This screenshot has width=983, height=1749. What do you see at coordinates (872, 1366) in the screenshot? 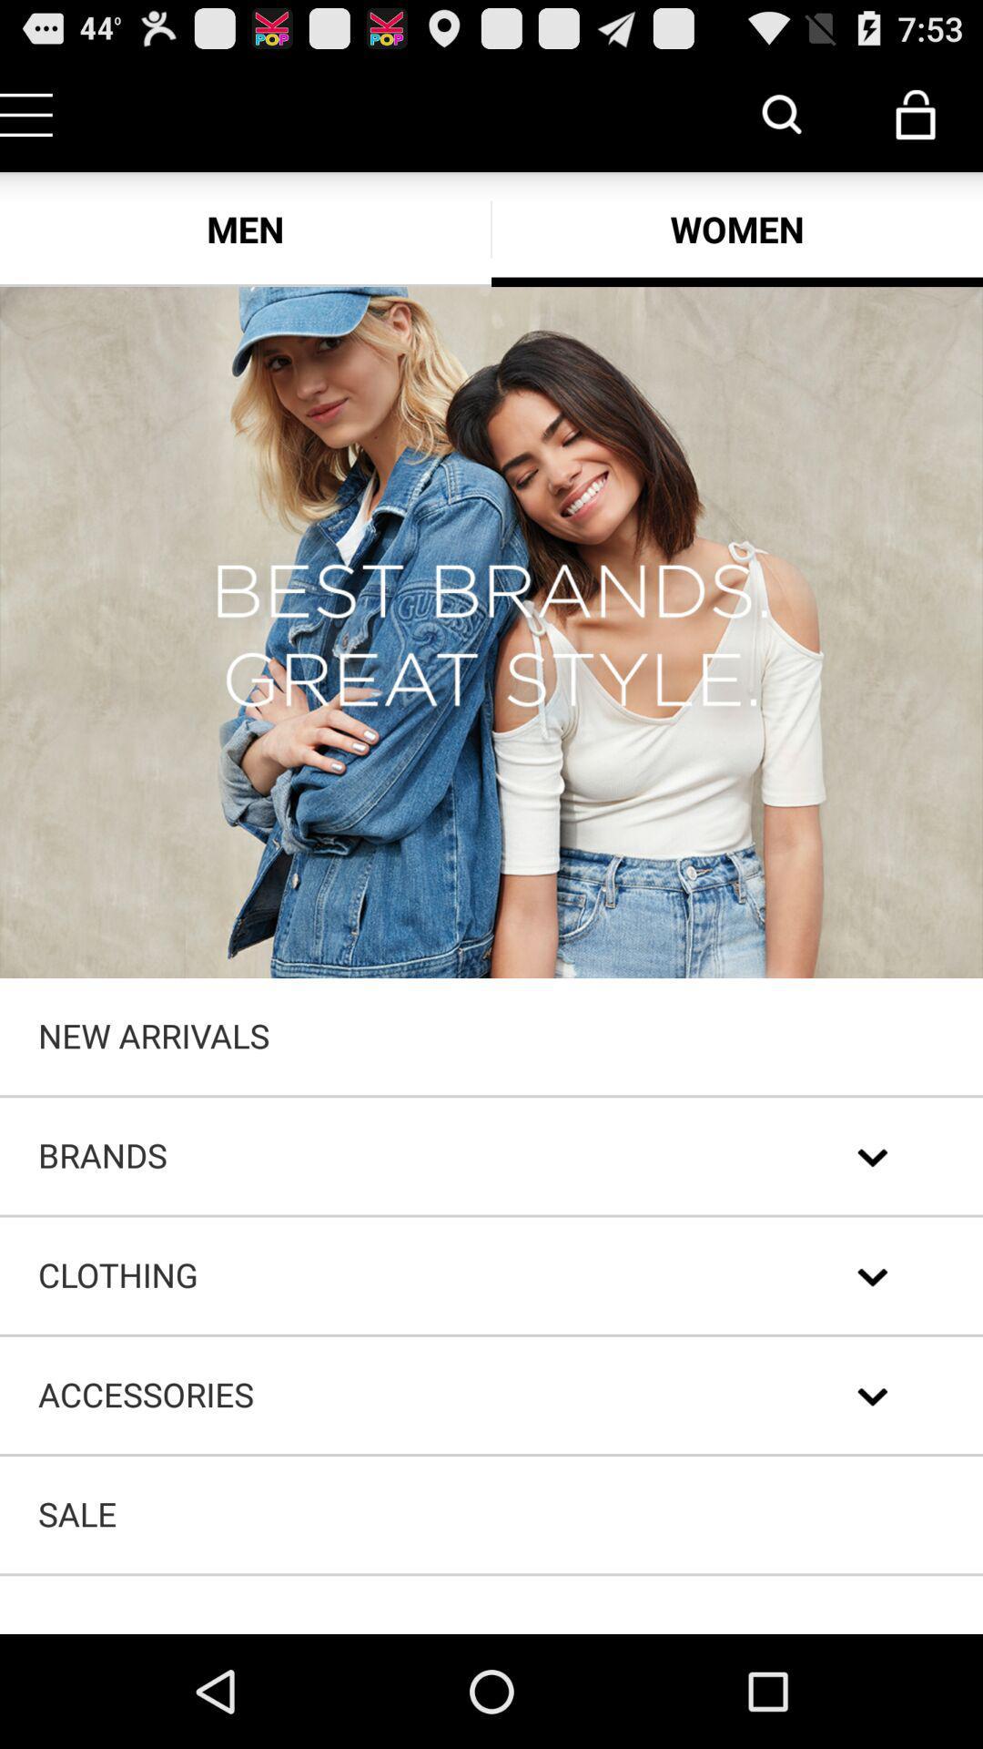
I see `the expand_more icon` at bounding box center [872, 1366].